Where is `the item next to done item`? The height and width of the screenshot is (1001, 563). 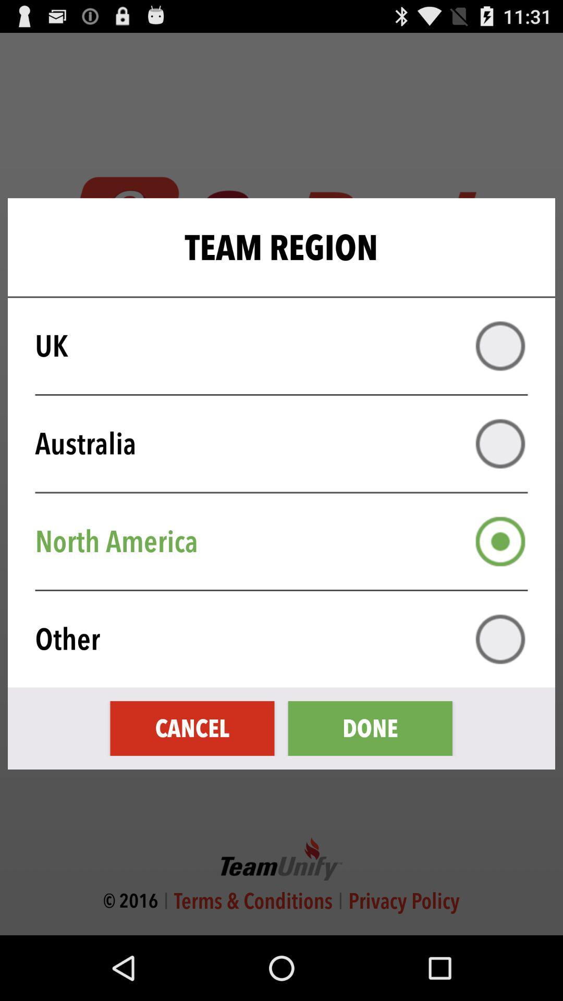 the item next to done item is located at coordinates (192, 728).